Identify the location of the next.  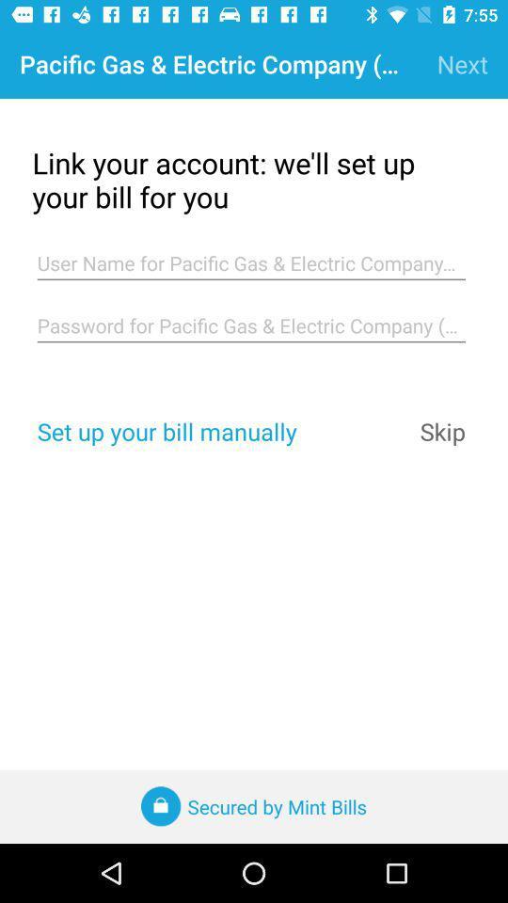
(461, 64).